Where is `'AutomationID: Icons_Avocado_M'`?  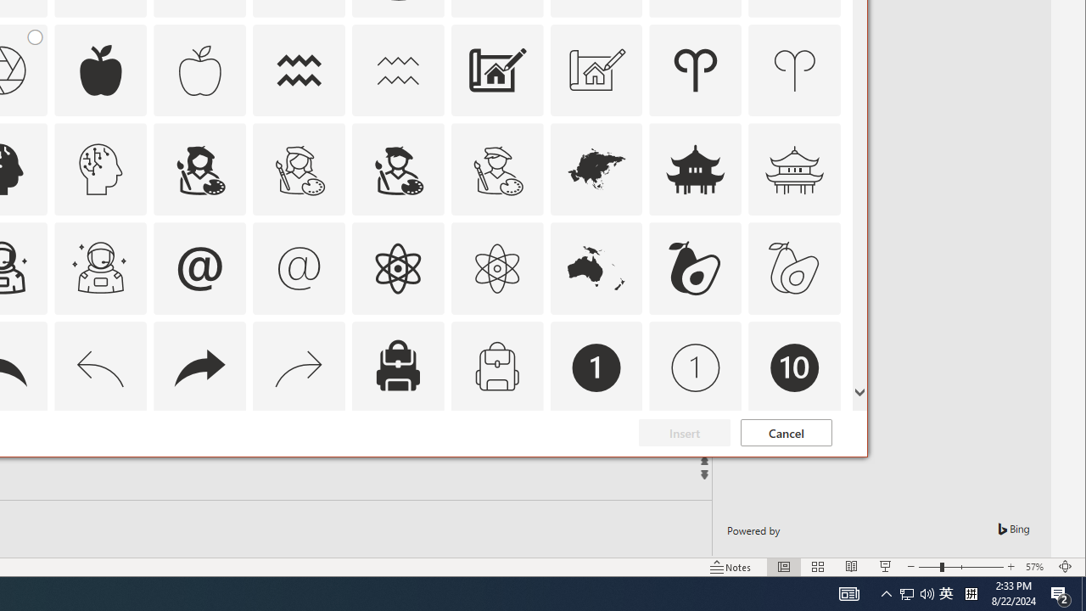
'AutomationID: Icons_Avocado_M' is located at coordinates (793, 267).